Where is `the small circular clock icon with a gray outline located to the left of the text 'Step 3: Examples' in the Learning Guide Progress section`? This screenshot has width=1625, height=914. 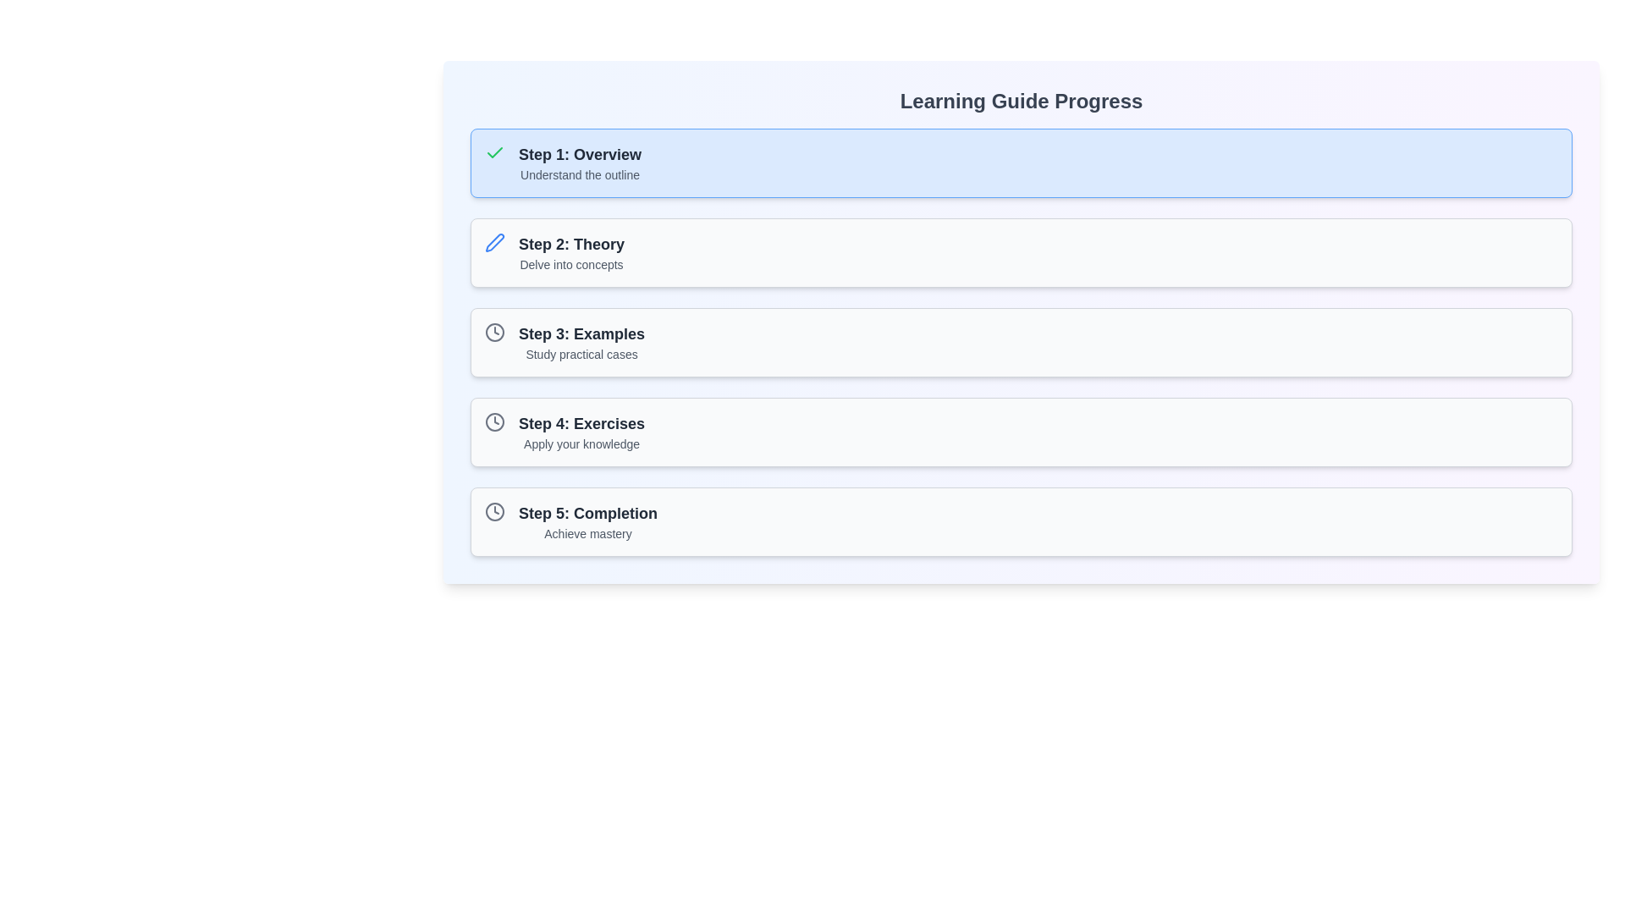 the small circular clock icon with a gray outline located to the left of the text 'Step 3: Examples' in the Learning Guide Progress section is located at coordinates (494, 333).